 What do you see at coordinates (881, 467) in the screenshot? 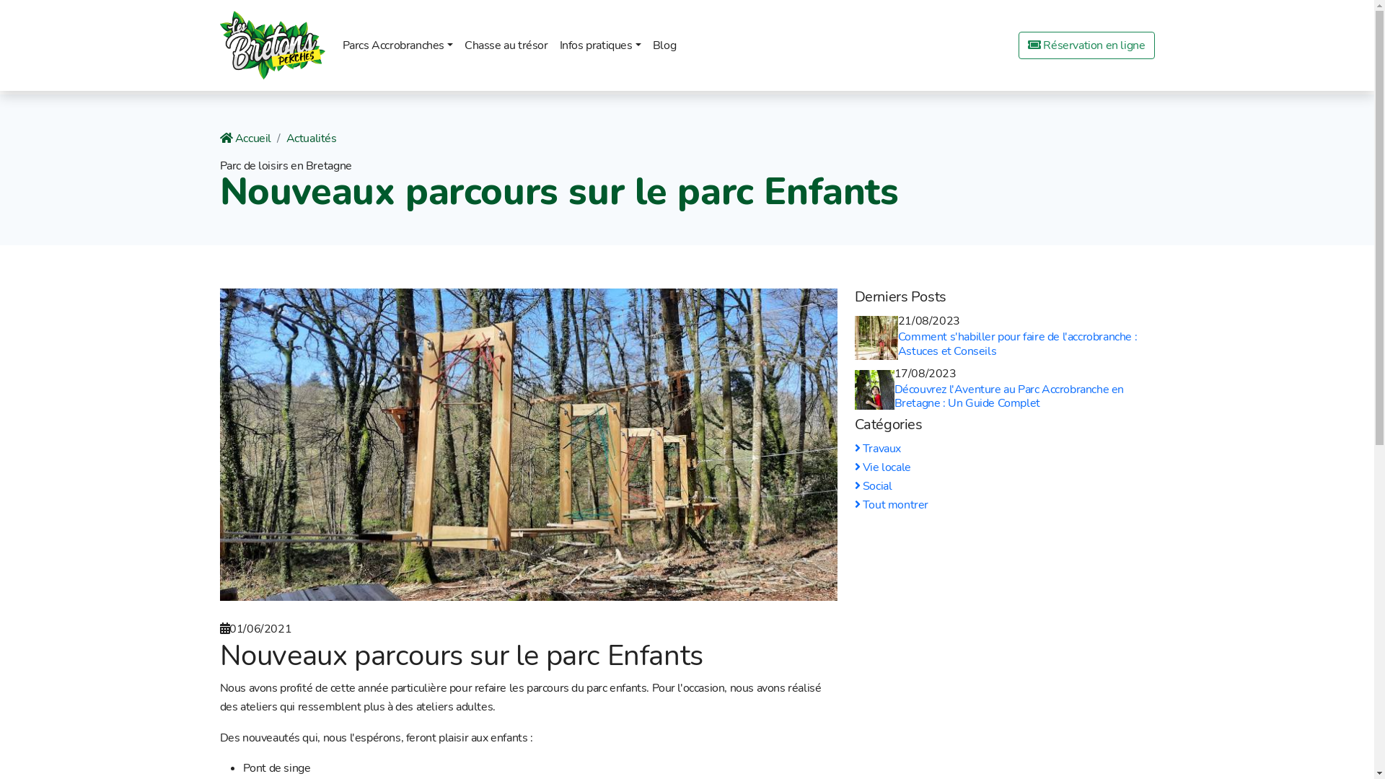
I see `'Vie locale'` at bounding box center [881, 467].